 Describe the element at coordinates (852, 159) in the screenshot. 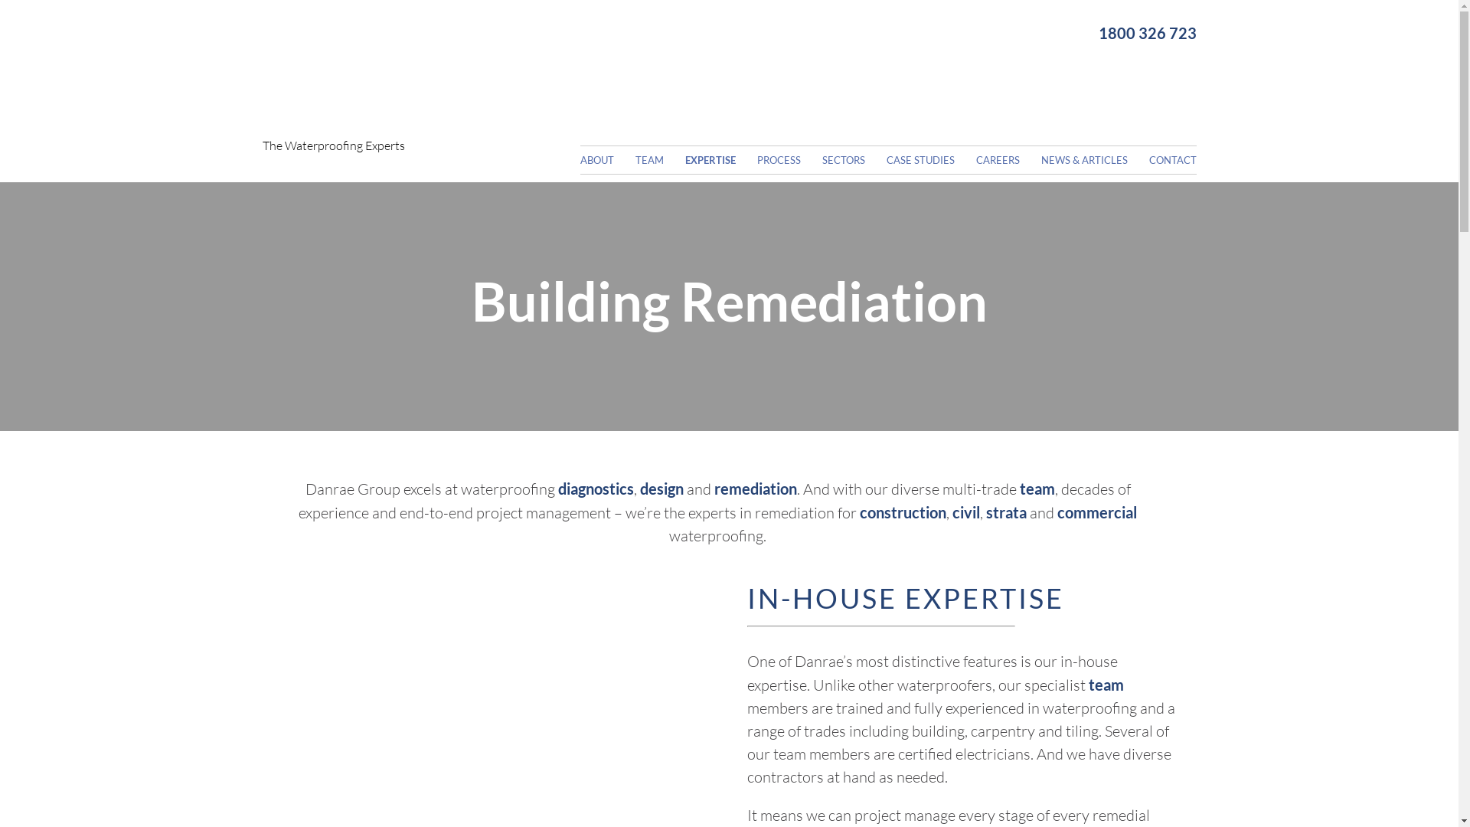

I see `'SECTORS'` at that location.